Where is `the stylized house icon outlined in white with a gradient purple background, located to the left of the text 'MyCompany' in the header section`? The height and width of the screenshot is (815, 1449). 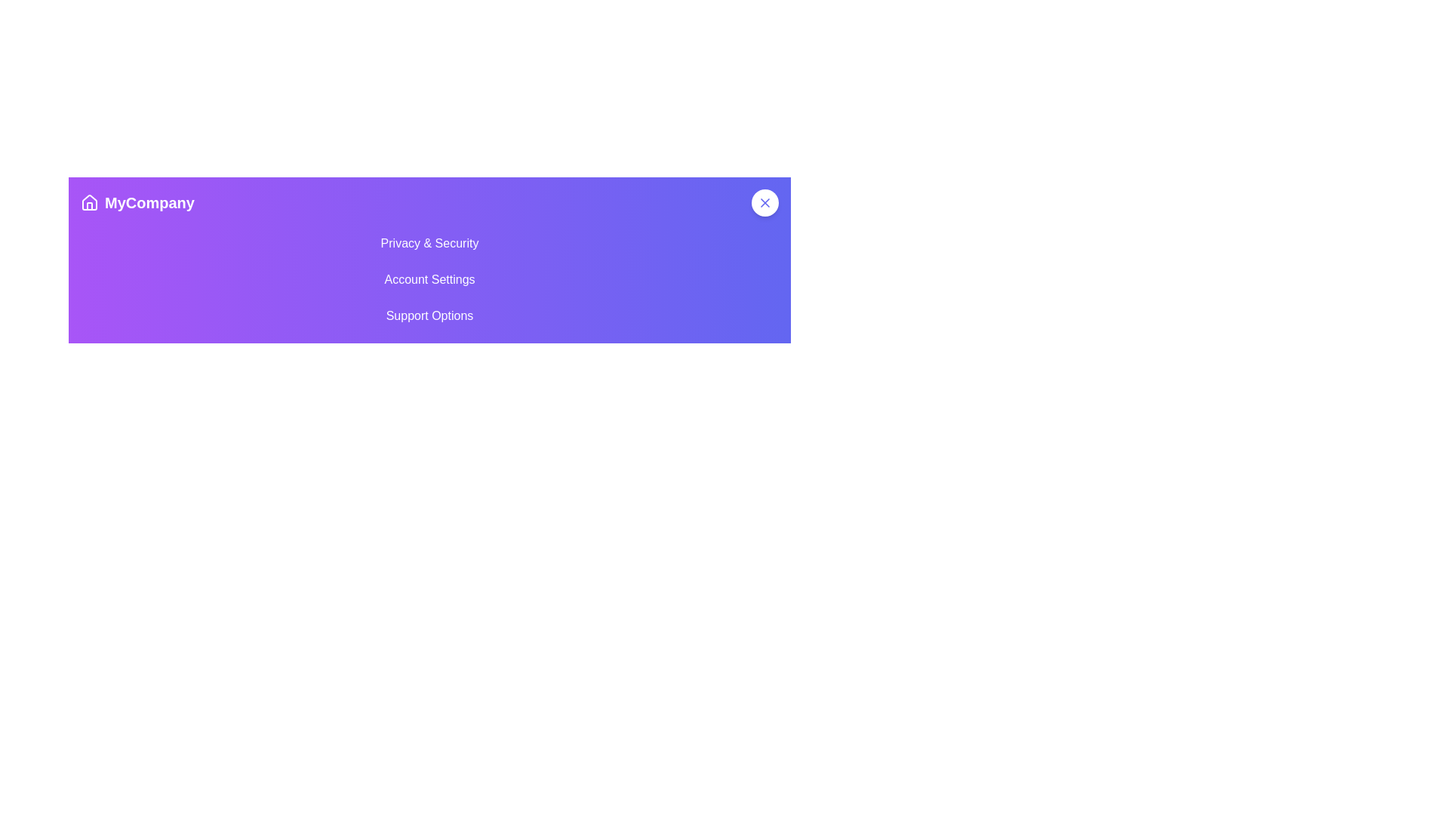
the stylized house icon outlined in white with a gradient purple background, located to the left of the text 'MyCompany' in the header section is located at coordinates (89, 202).